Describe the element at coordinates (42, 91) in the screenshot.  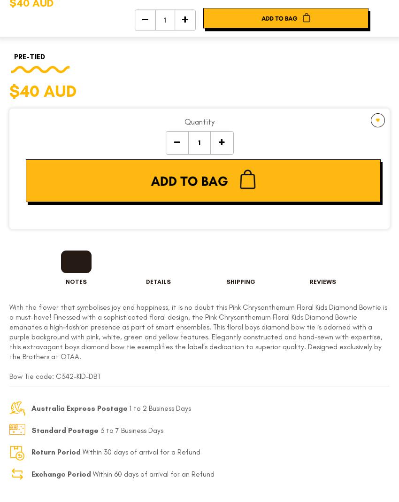
I see `'$40 AUD'` at that location.